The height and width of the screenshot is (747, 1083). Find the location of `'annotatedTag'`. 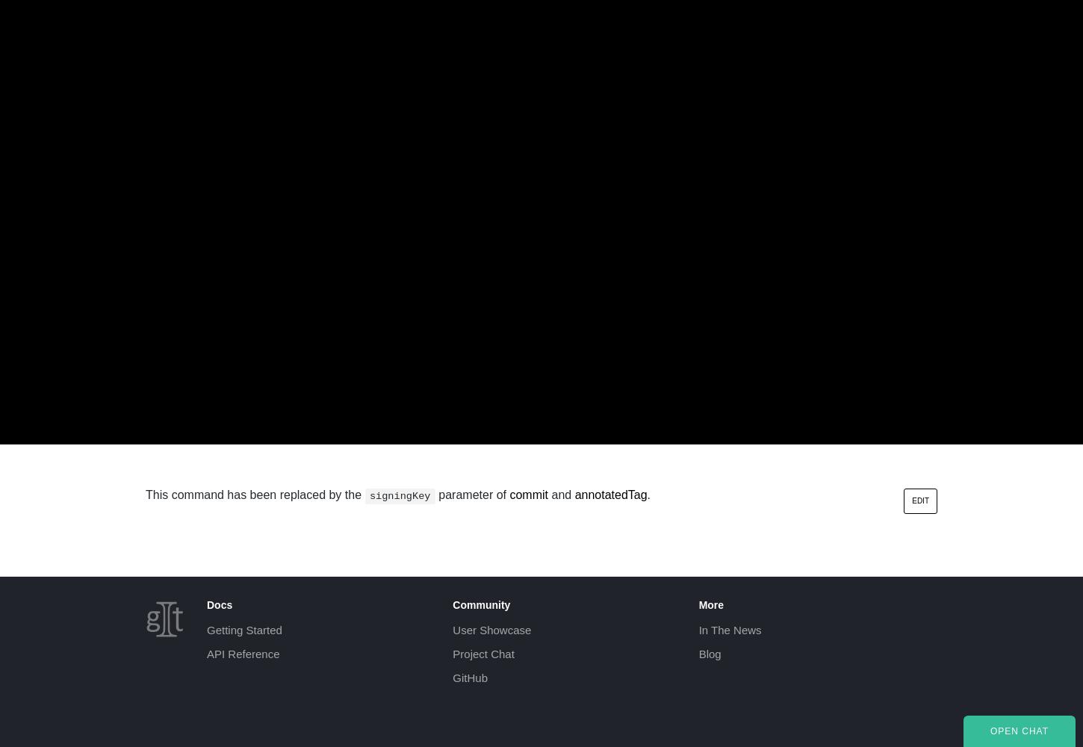

'annotatedTag' is located at coordinates (610, 495).